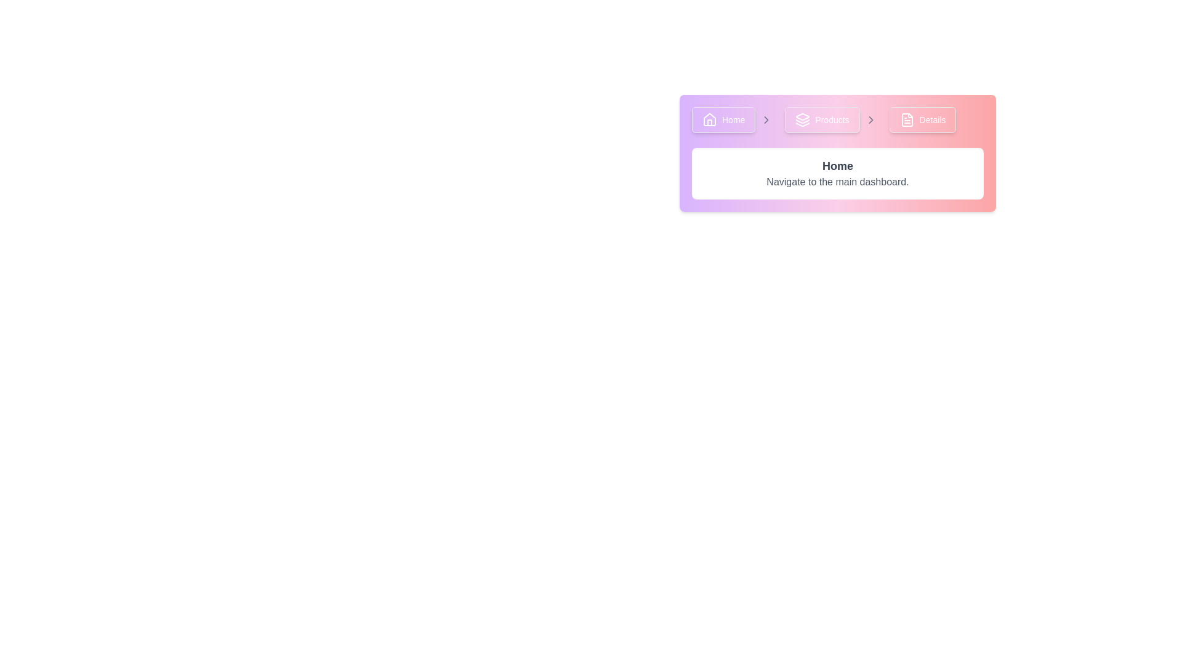 This screenshot has width=1182, height=665. Describe the element at coordinates (723, 120) in the screenshot. I see `the first navigation button located at the top-left corner of the interface` at that location.